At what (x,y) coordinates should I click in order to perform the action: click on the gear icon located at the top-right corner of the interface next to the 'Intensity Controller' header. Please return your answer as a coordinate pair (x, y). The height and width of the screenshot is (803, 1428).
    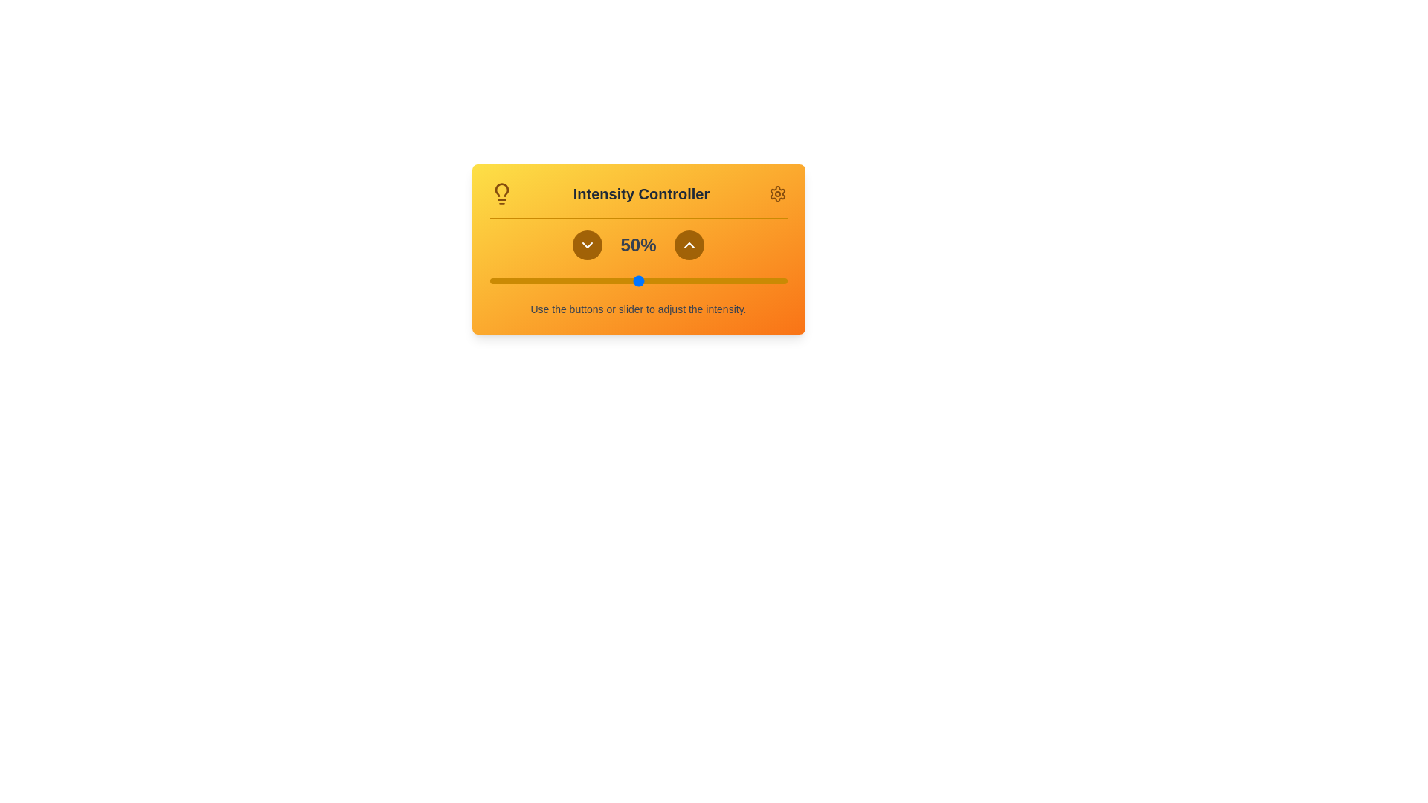
    Looking at the image, I should click on (777, 193).